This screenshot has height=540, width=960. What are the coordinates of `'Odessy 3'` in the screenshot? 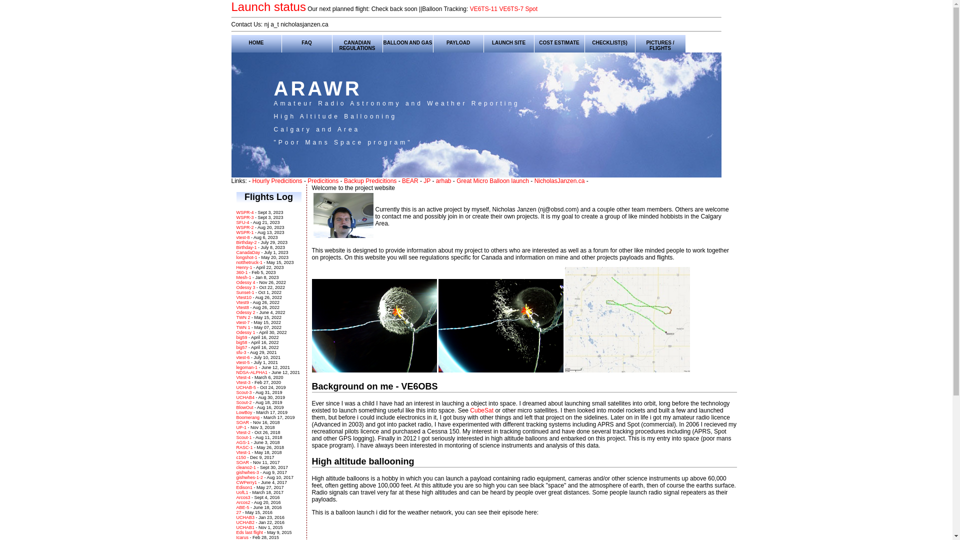 It's located at (245, 287).